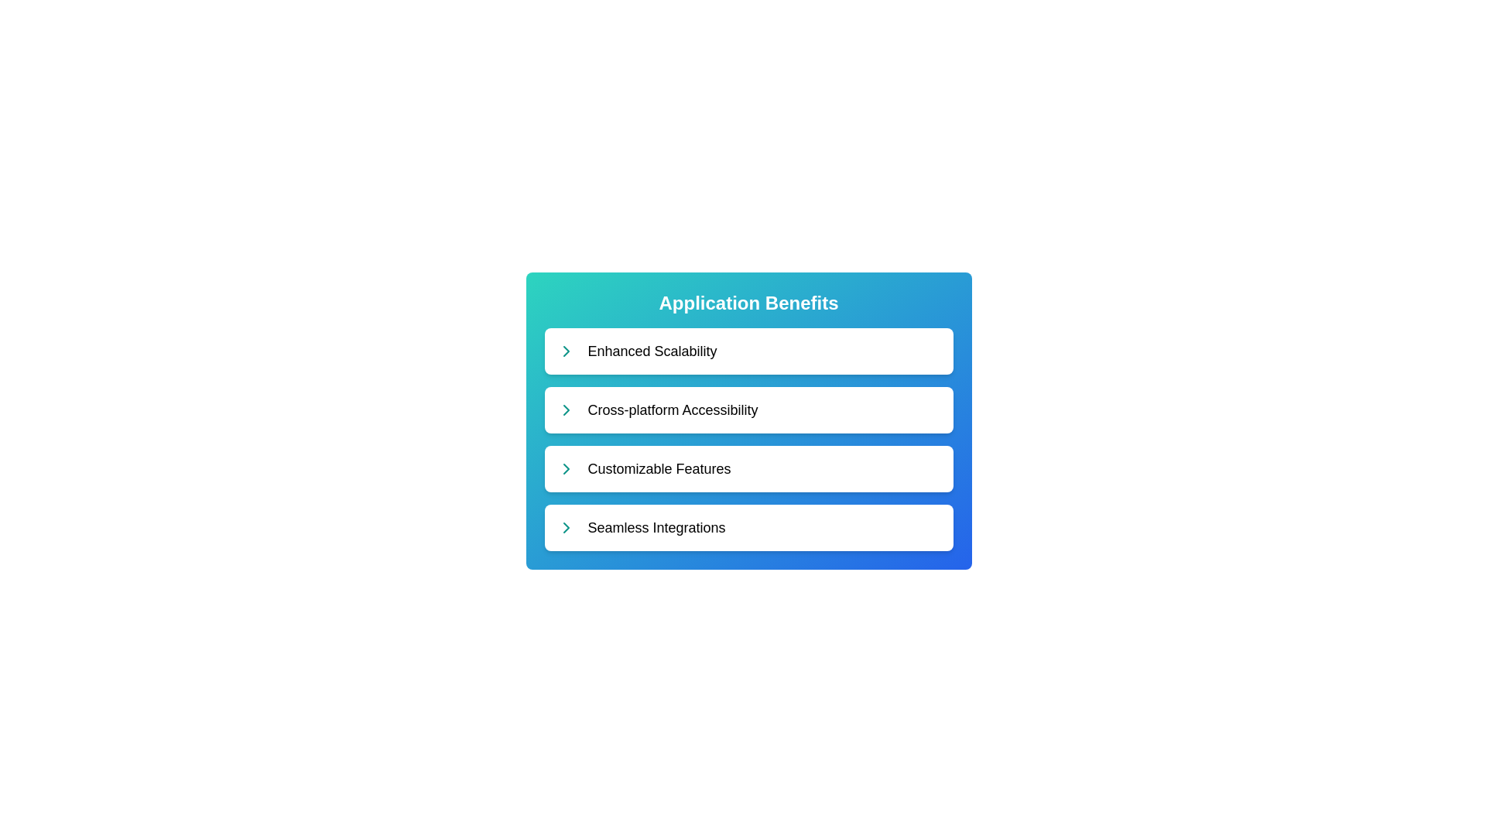 This screenshot has height=836, width=1486. I want to click on the text label reading 'Enhanced Scalability', which is styled in medium bold black font and located within a white rectangular background with rounded edges, positioned as the first item in a vertical list under the header 'Application Benefits', so click(652, 351).